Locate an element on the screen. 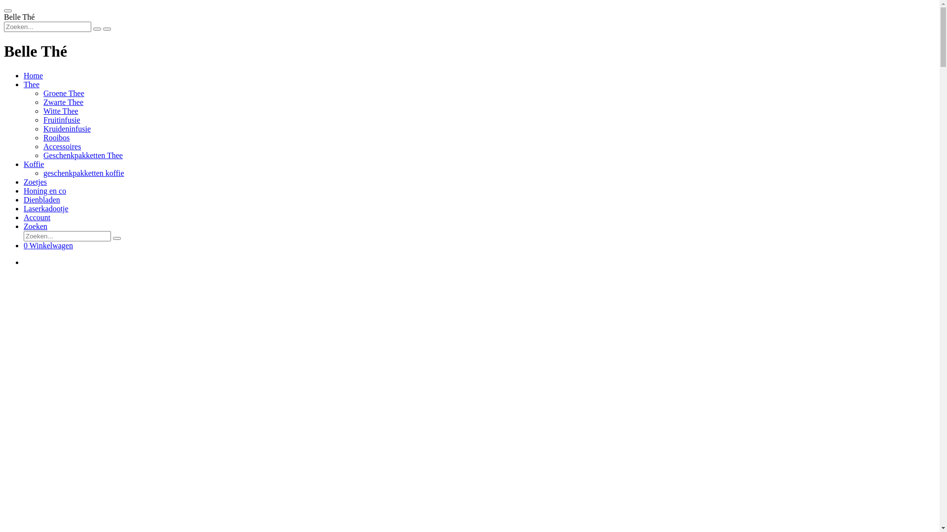  'geschenkpakketten koffie' is located at coordinates (83, 172).